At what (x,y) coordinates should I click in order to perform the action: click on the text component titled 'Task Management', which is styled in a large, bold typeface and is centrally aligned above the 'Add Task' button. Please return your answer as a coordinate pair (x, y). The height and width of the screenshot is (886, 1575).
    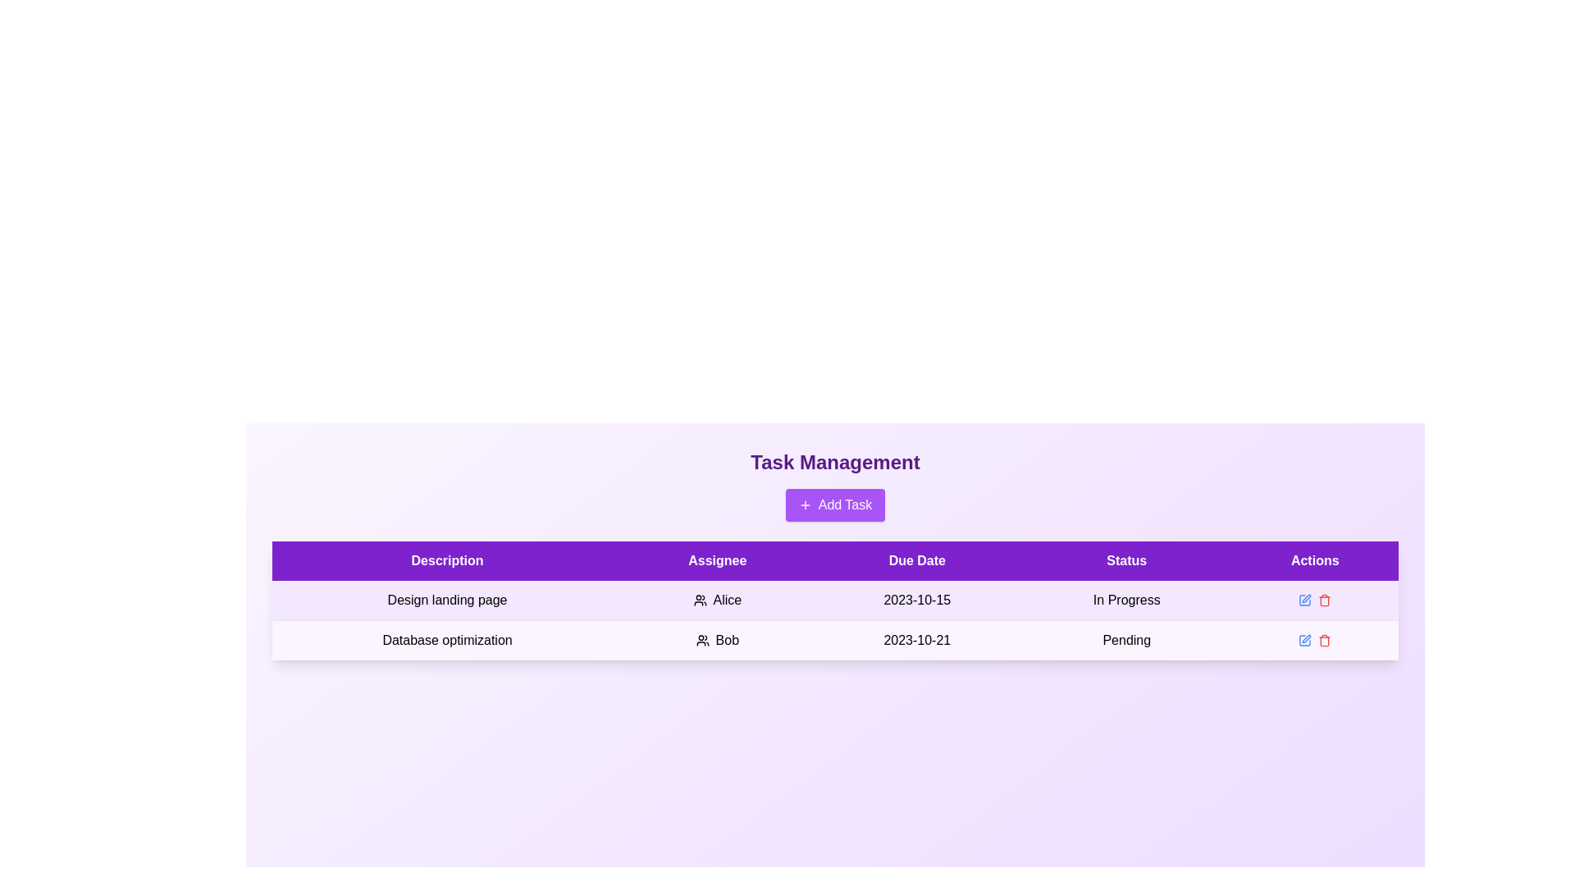
    Looking at the image, I should click on (835, 462).